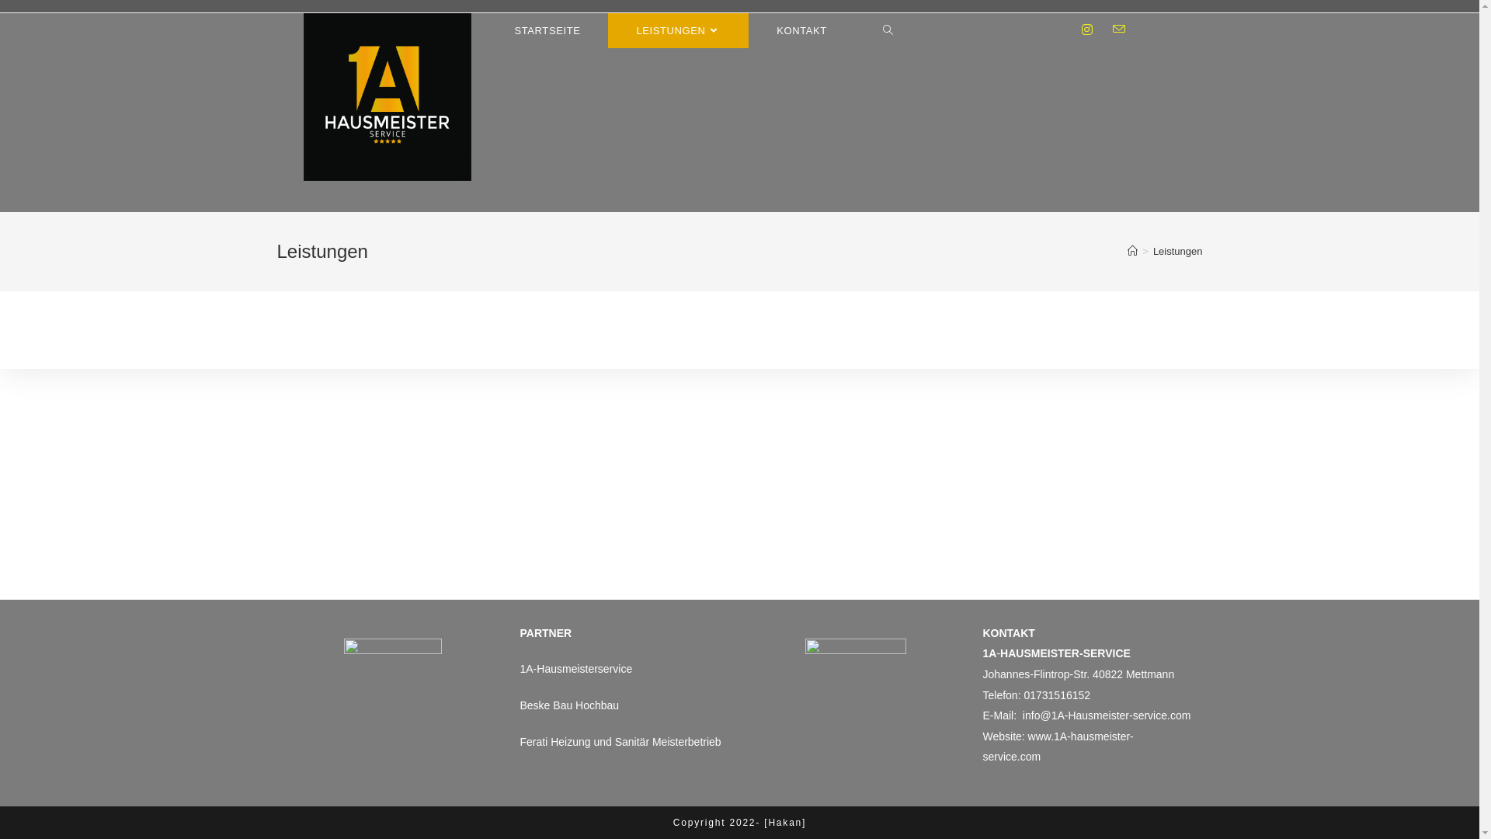 This screenshot has height=839, width=1491. Describe the element at coordinates (853, 30) in the screenshot. I see `'Toggle website search'` at that location.